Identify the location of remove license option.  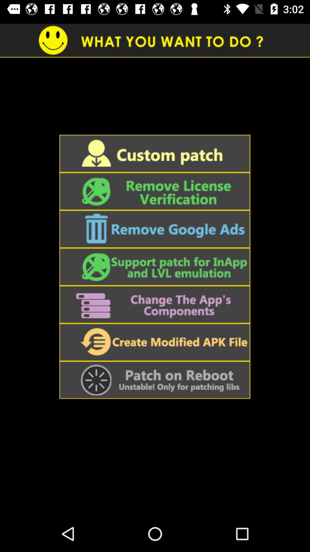
(154, 191).